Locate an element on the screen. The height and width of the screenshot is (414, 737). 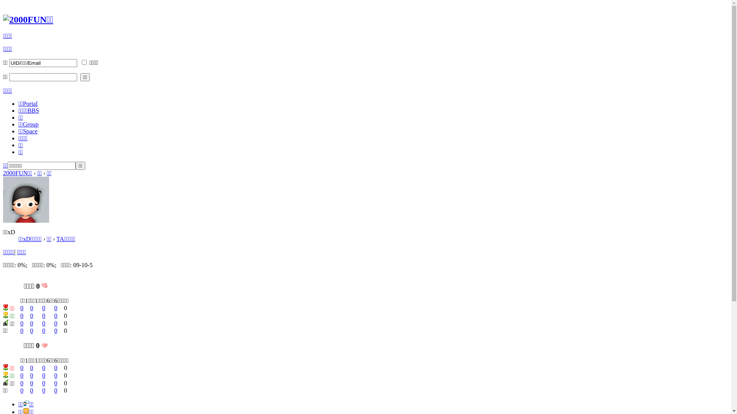
'0' is located at coordinates (43, 367).